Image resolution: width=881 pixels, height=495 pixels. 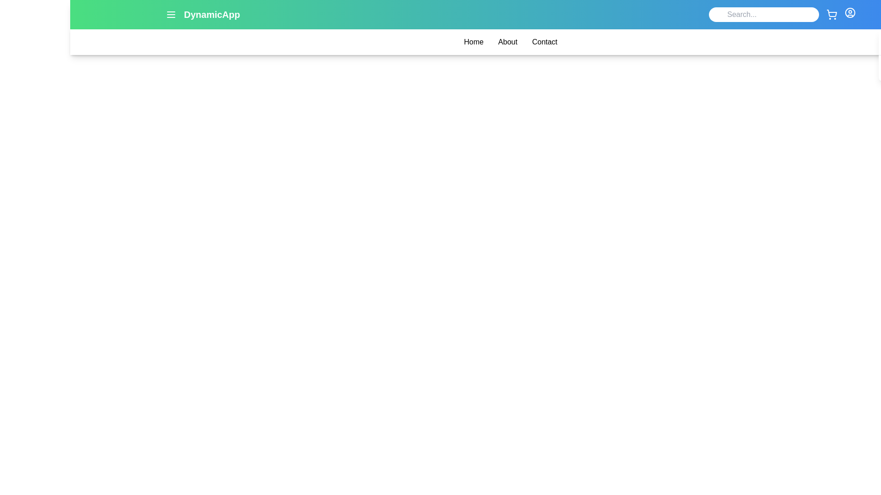 I want to click on the search bar and type 'example text', so click(x=764, y=14).